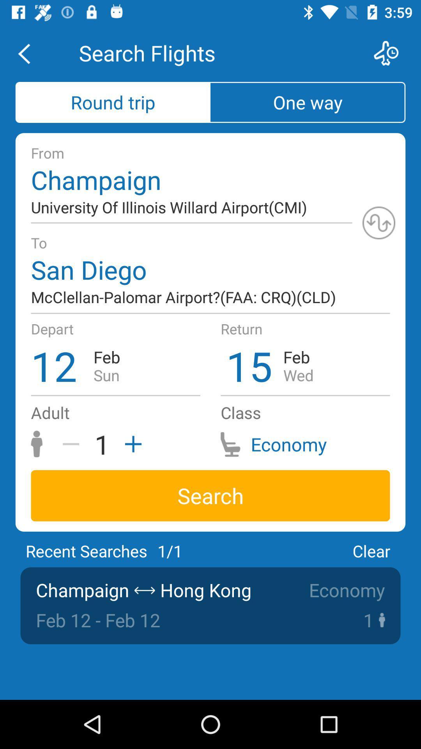  I want to click on flight times, so click(391, 53).